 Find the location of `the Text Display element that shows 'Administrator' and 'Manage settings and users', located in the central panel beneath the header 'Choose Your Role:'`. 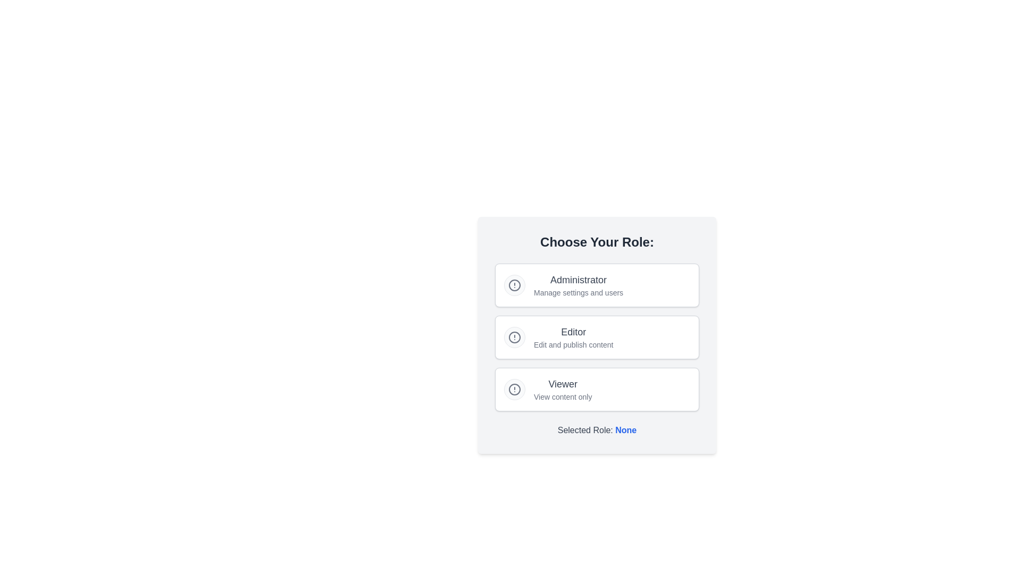

the Text Display element that shows 'Administrator' and 'Manage settings and users', located in the central panel beneath the header 'Choose Your Role:' is located at coordinates (578, 284).